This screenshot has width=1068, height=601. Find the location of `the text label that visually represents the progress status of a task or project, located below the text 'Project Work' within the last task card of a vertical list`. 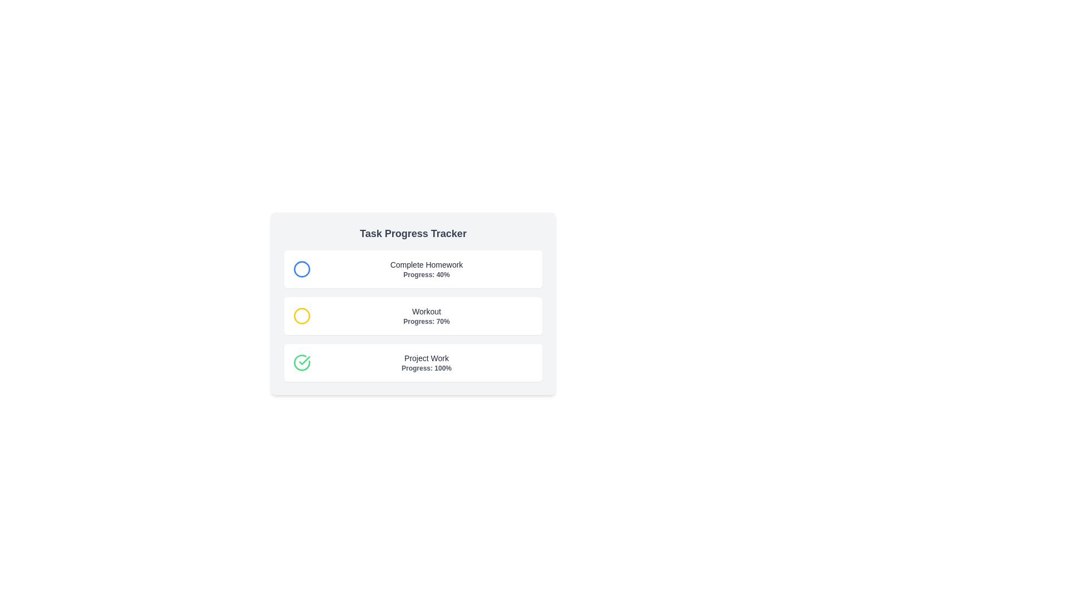

the text label that visually represents the progress status of a task or project, located below the text 'Project Work' within the last task card of a vertical list is located at coordinates (426, 368).